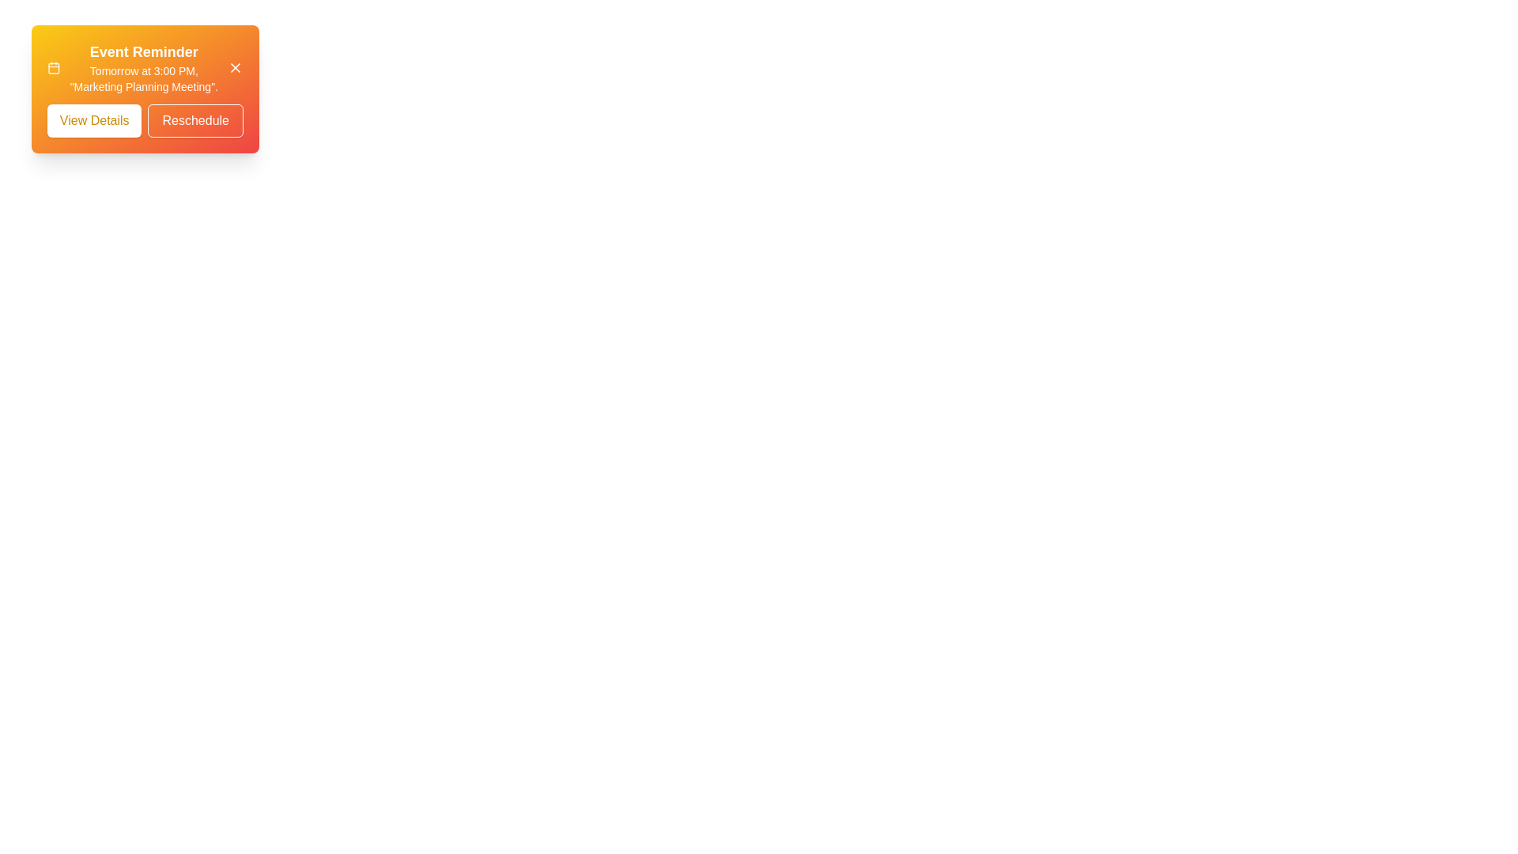  Describe the element at coordinates (93, 120) in the screenshot. I see `the 'View Details' button` at that location.